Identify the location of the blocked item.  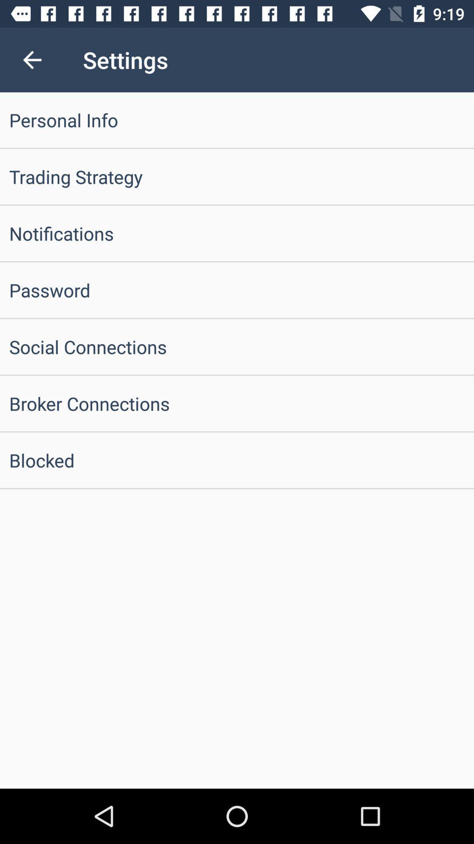
(237, 459).